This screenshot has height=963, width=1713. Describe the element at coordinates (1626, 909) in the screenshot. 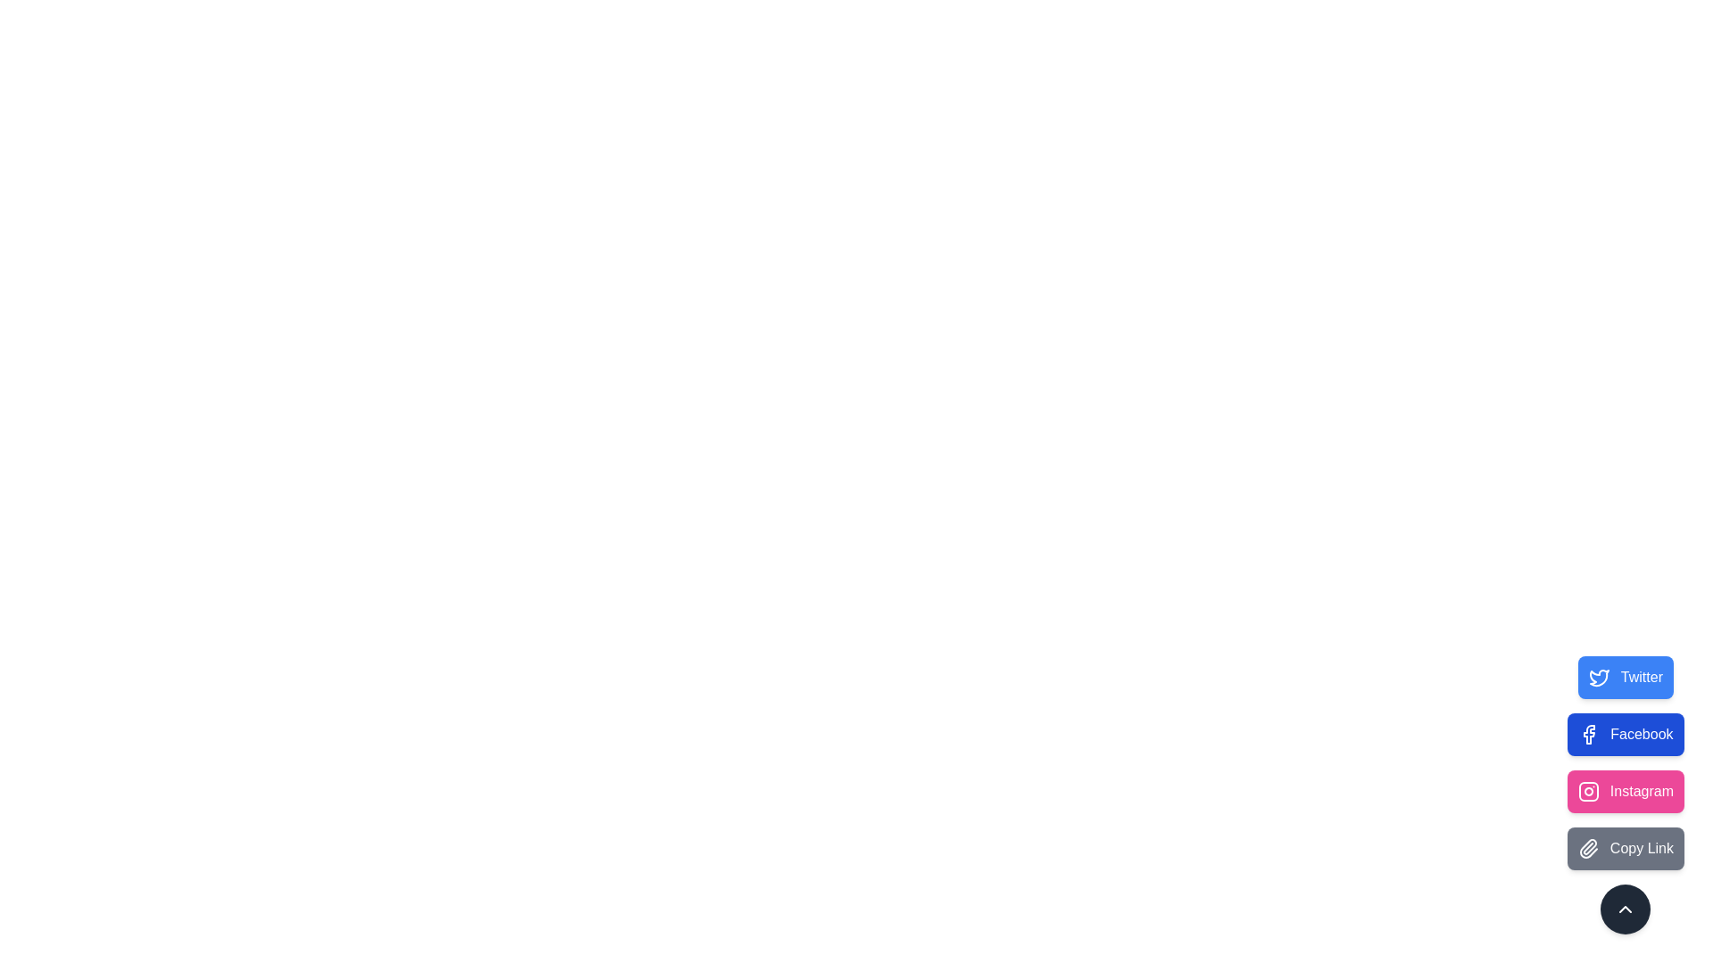

I see `button with the chevron-up icon to collapse the social speed dial menu` at that location.